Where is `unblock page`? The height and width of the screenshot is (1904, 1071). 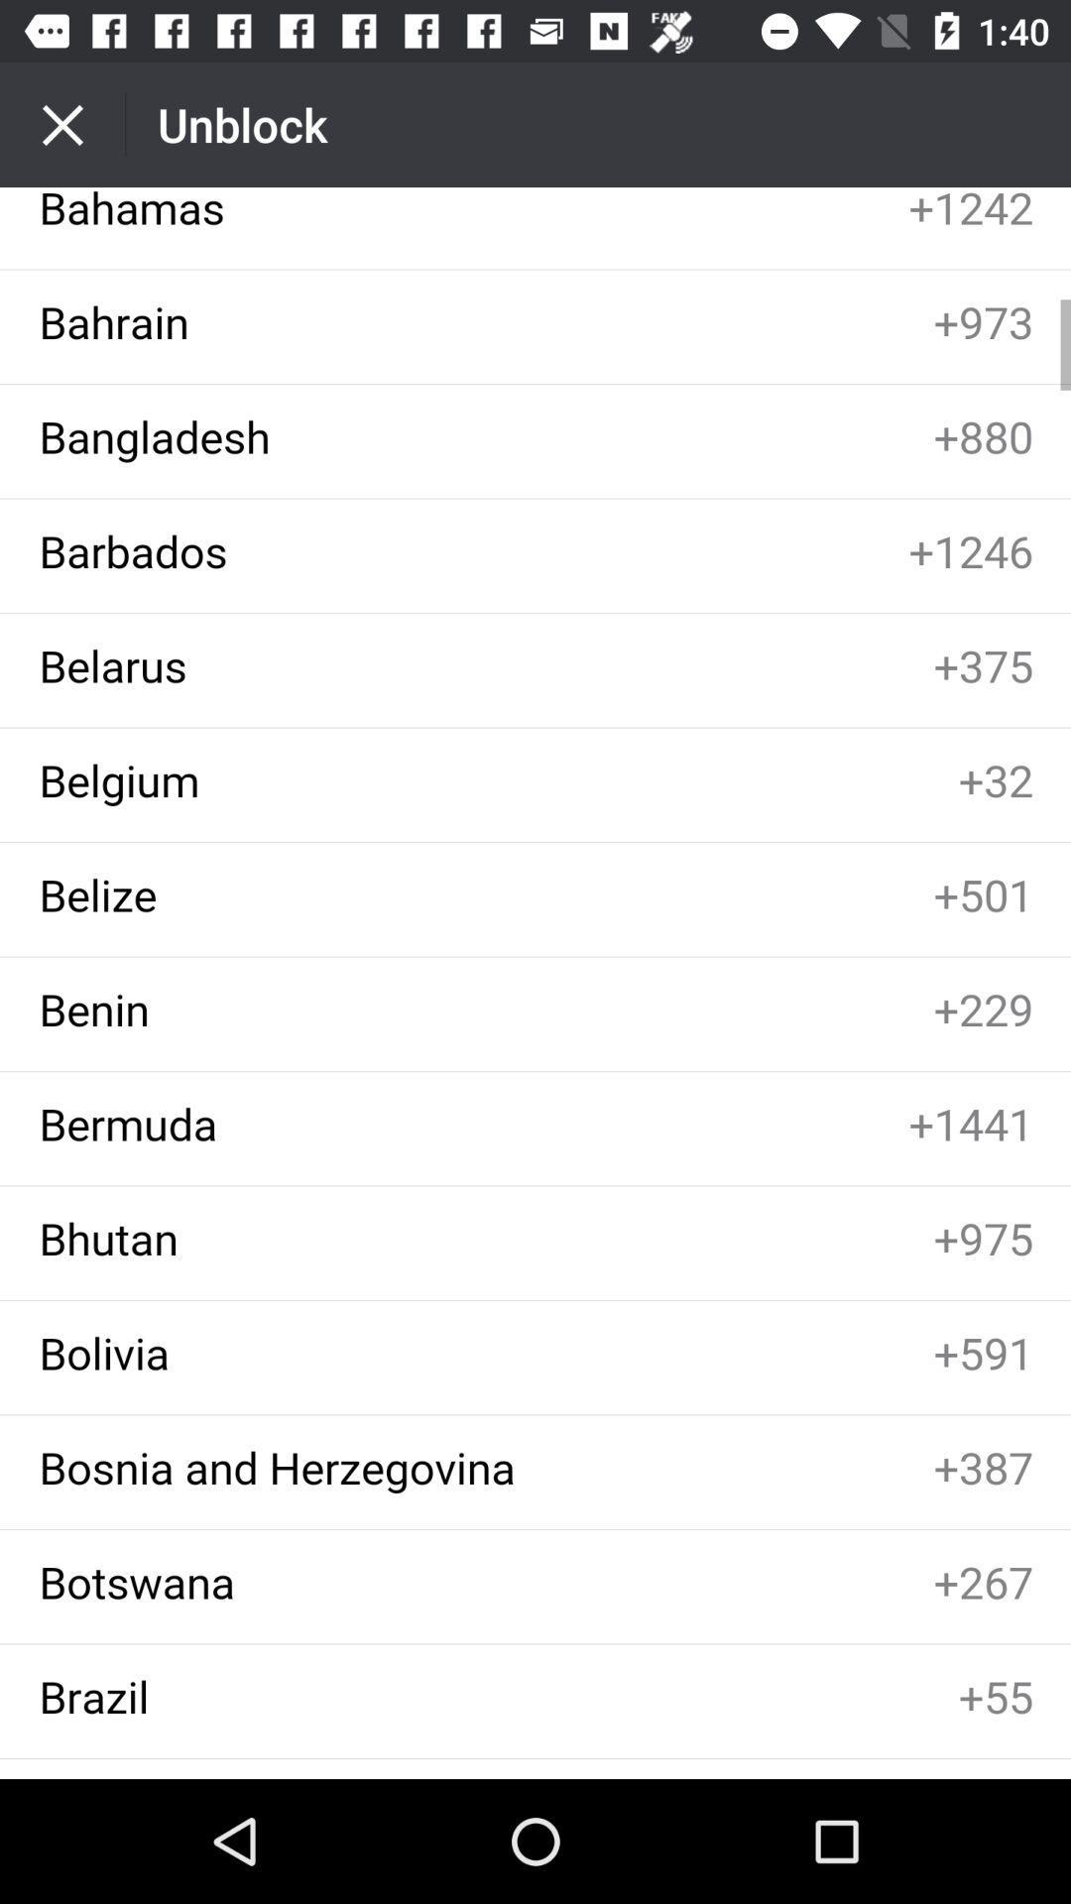
unblock page is located at coordinates (535, 983).